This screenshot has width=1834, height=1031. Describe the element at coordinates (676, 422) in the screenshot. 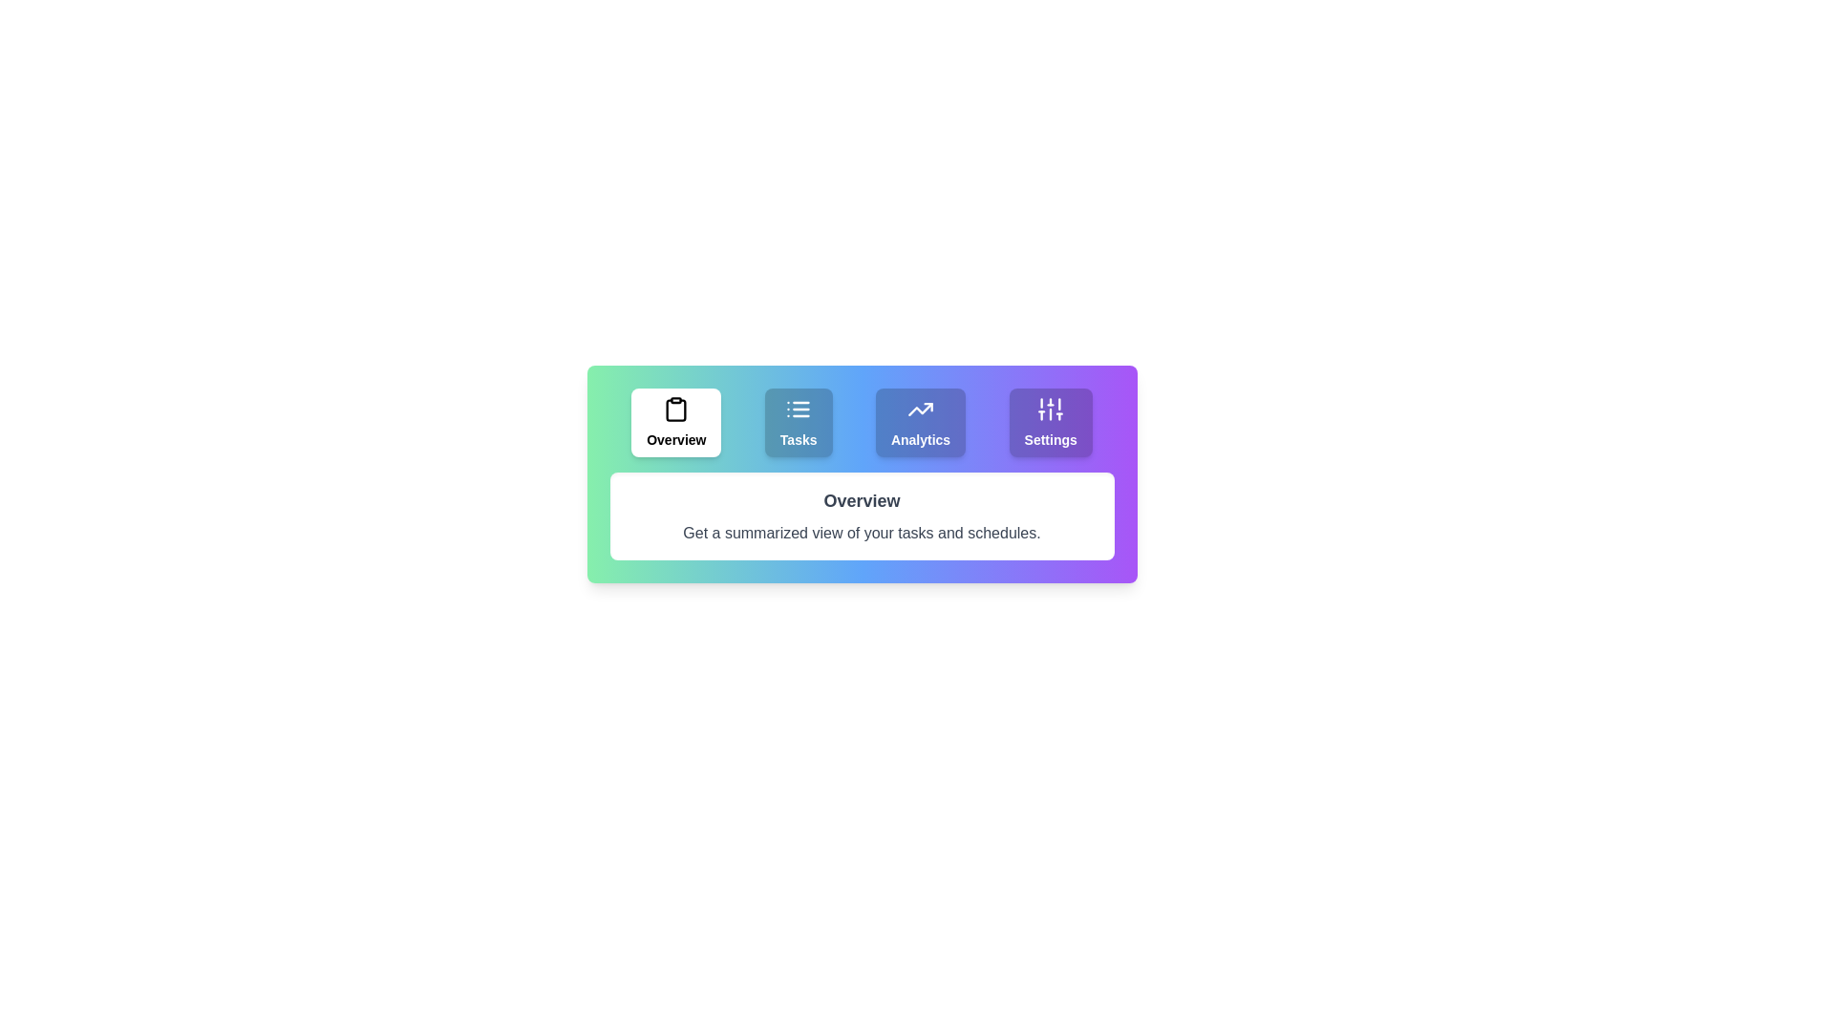

I see `the Overview tab to view its content` at that location.